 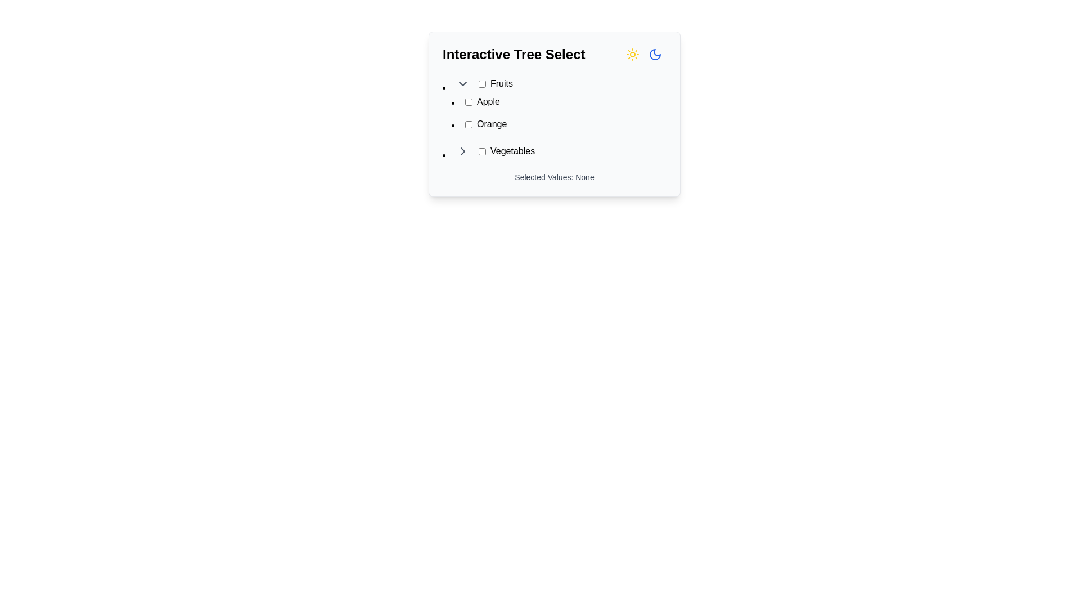 What do you see at coordinates (655, 54) in the screenshot?
I see `the crescent moon icon located in the top-right corner of the interactive tree select component, which serves as a mode indicator for switching between day and night modes` at bounding box center [655, 54].